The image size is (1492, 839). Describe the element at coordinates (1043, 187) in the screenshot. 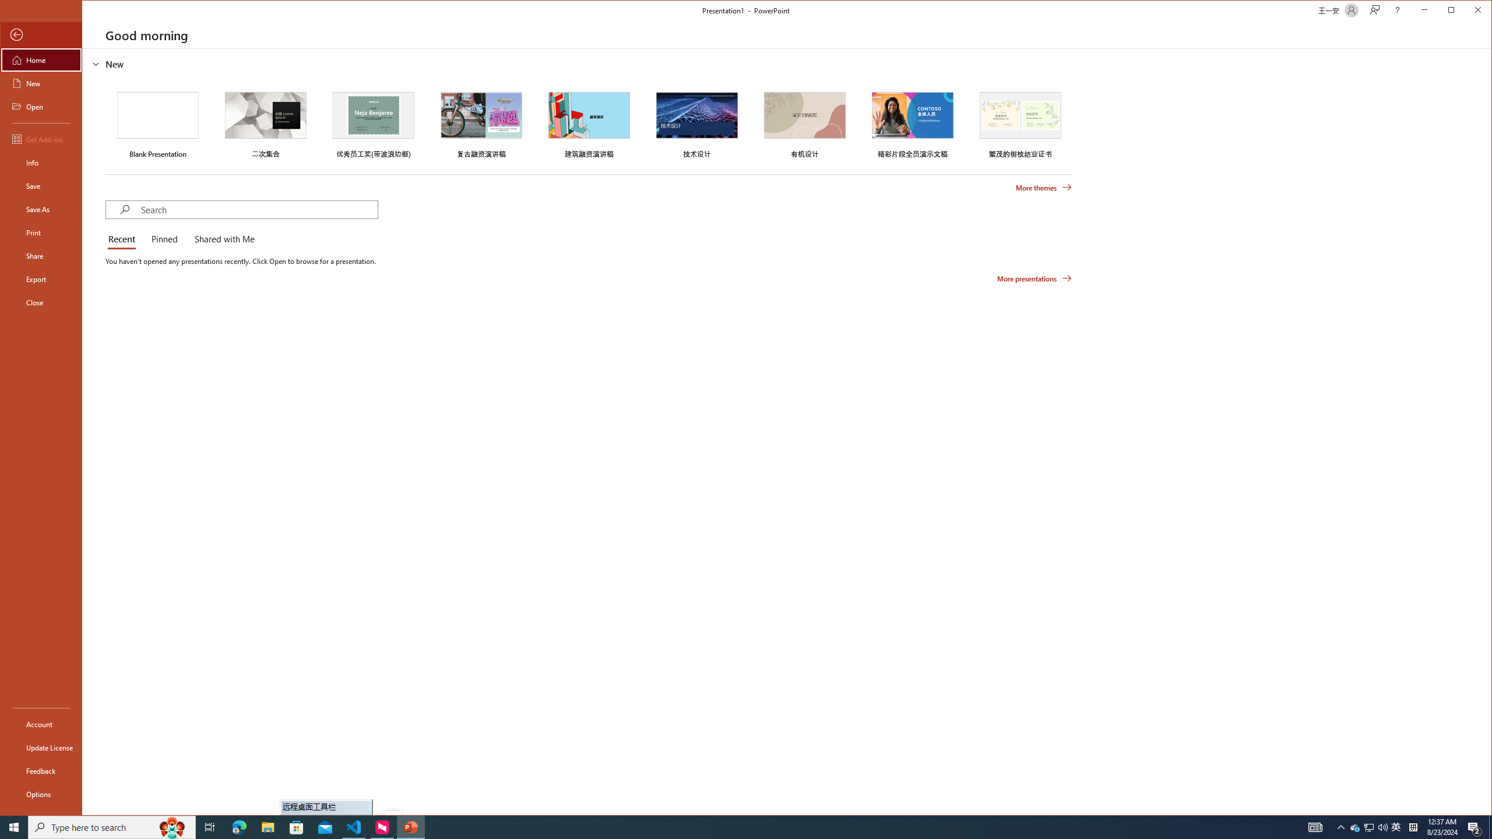

I see `'More themes'` at that location.